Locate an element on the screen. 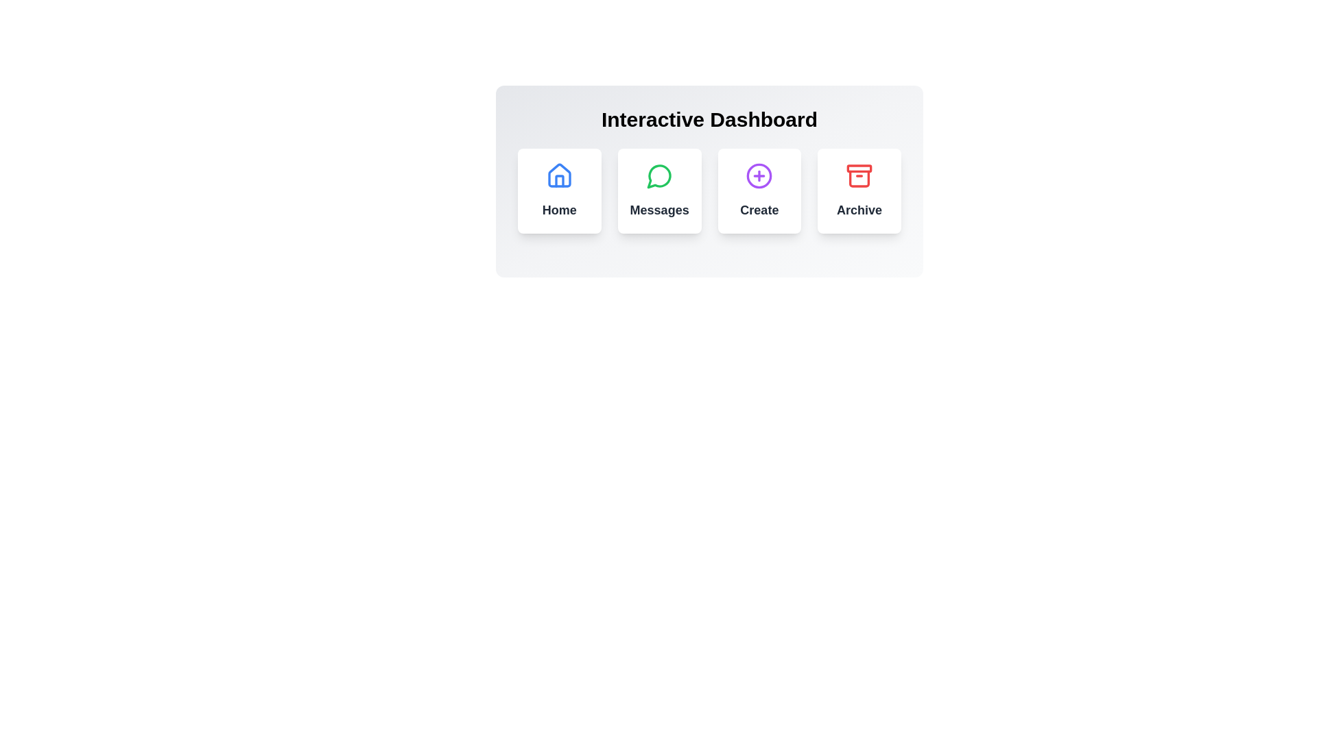  the 'Messages' button card, which is the second item in a horizontal grid of four cards, featuring a green speech bubble icon and dark gray bold text below it is located at coordinates (659, 190).